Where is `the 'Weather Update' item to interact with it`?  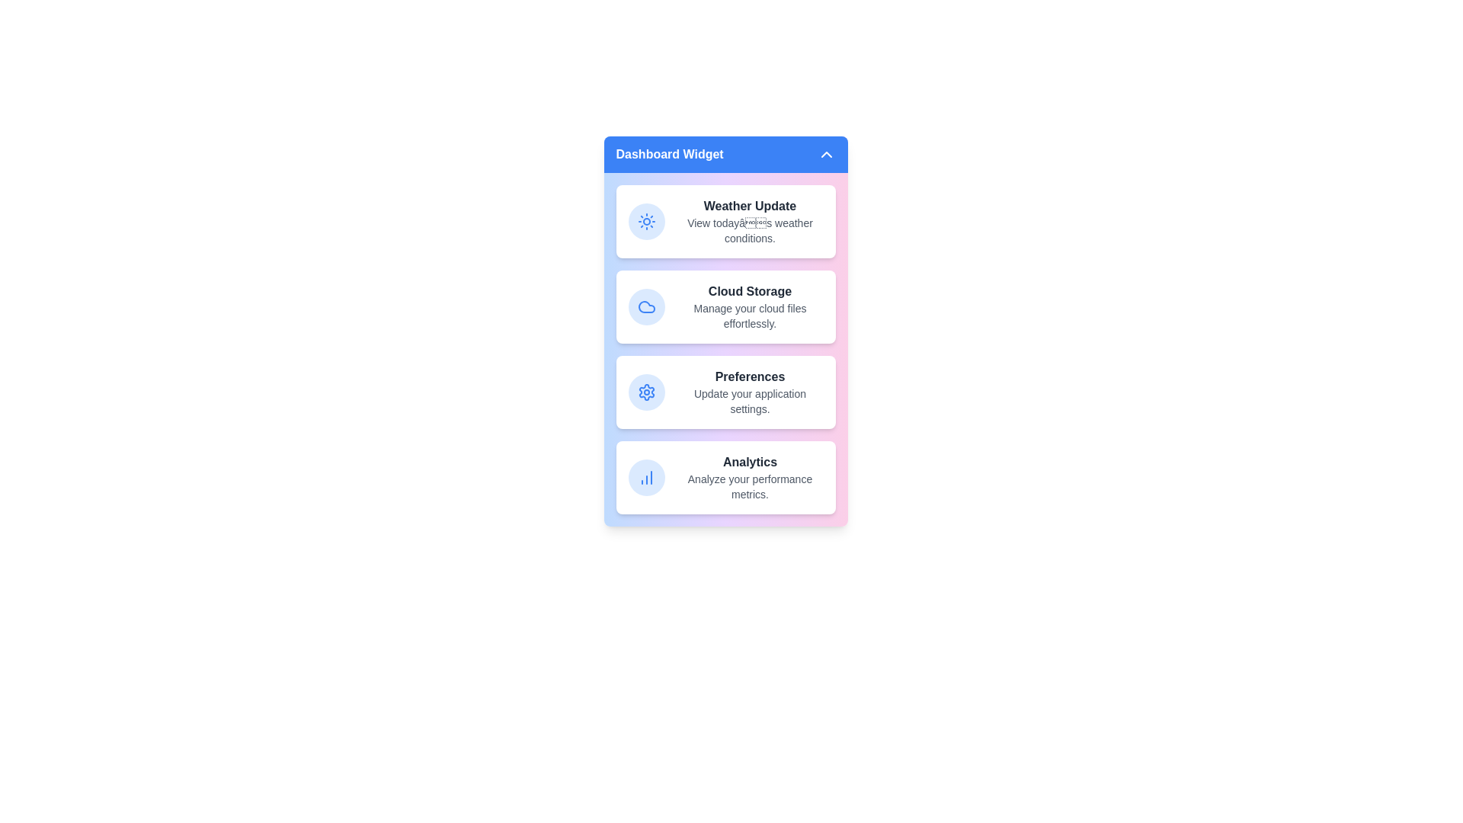
the 'Weather Update' item to interact with it is located at coordinates (725, 221).